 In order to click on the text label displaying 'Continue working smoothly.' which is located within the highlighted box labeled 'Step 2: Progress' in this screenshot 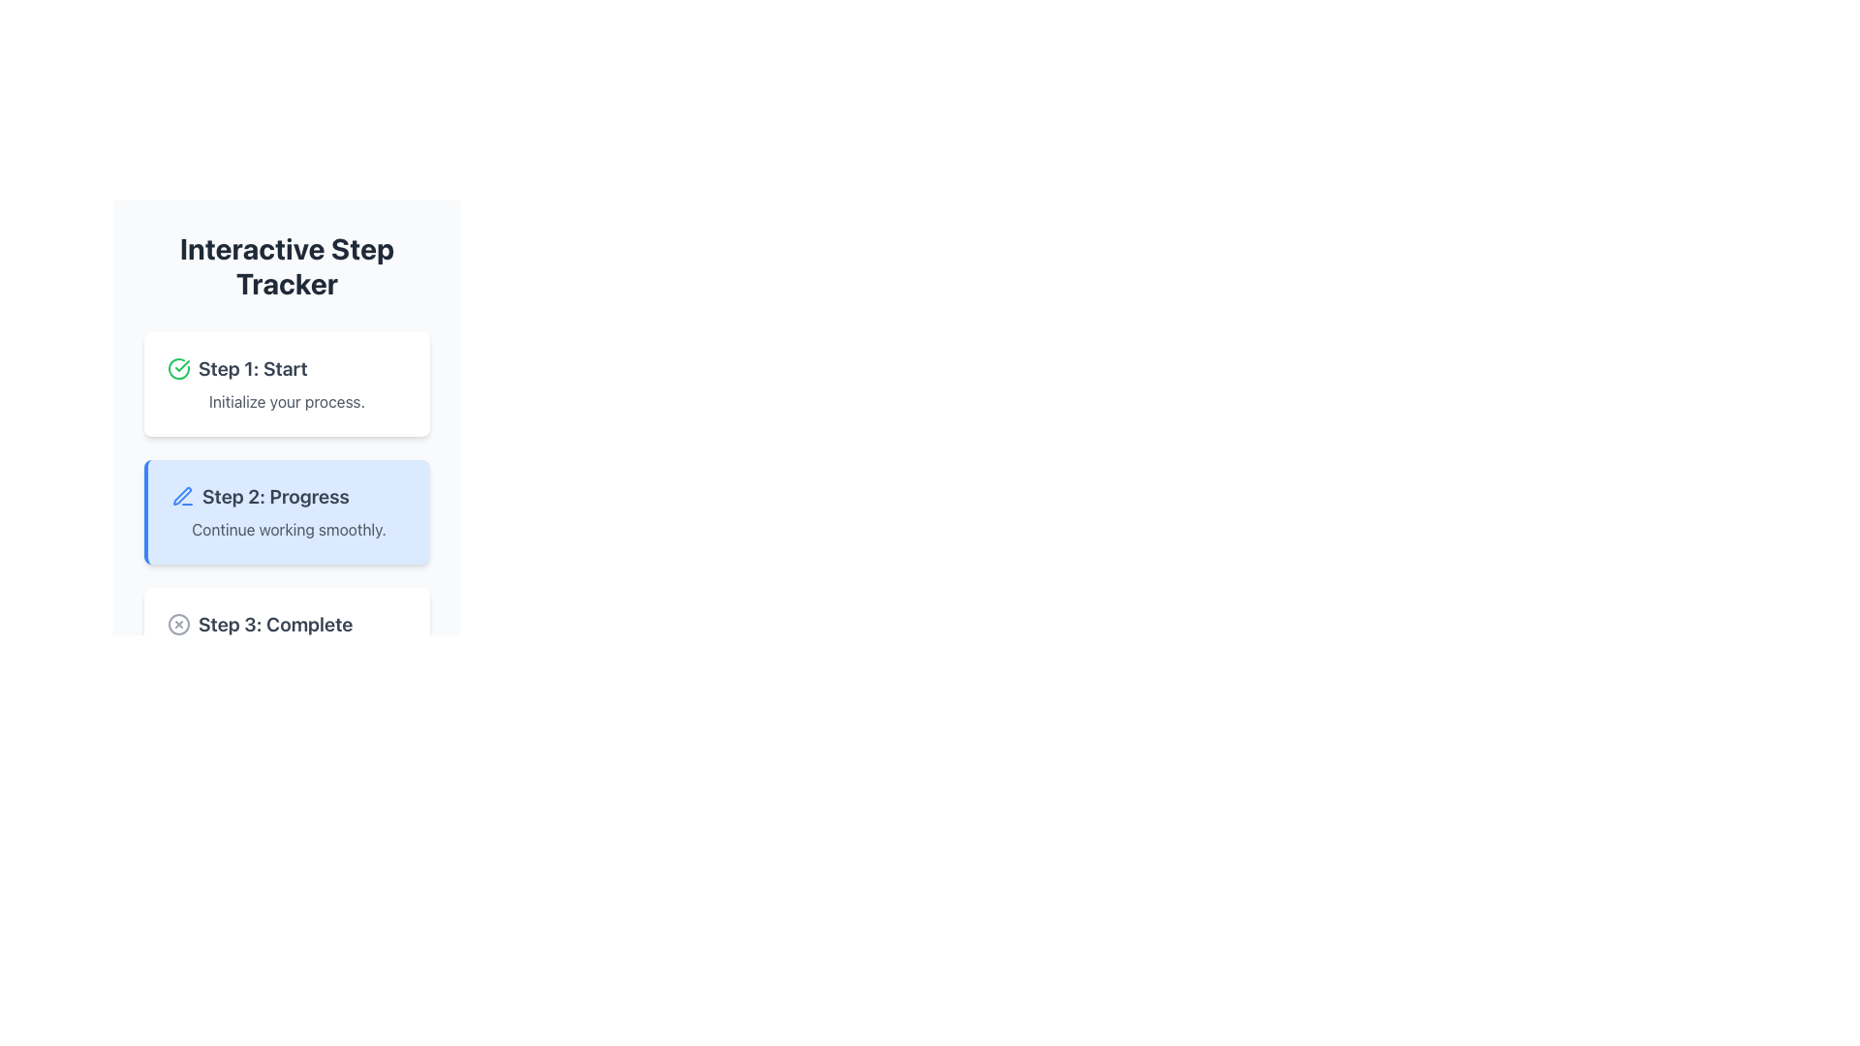, I will do `click(288, 530)`.